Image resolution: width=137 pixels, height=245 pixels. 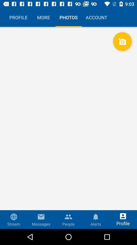 I want to click on the last but one button in the bottom menu bar, so click(x=96, y=215).